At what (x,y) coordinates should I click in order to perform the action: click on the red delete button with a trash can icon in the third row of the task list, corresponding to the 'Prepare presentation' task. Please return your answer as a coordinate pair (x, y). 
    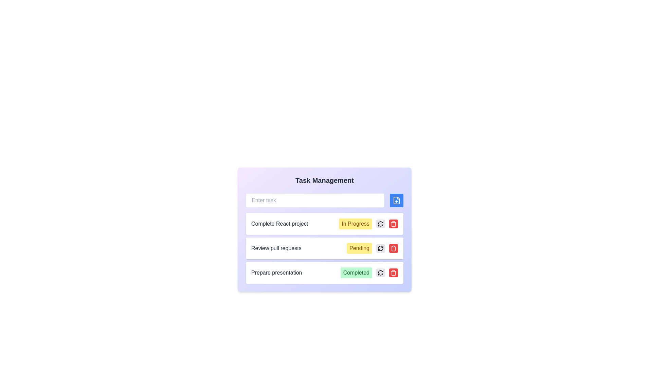
    Looking at the image, I should click on (393, 272).